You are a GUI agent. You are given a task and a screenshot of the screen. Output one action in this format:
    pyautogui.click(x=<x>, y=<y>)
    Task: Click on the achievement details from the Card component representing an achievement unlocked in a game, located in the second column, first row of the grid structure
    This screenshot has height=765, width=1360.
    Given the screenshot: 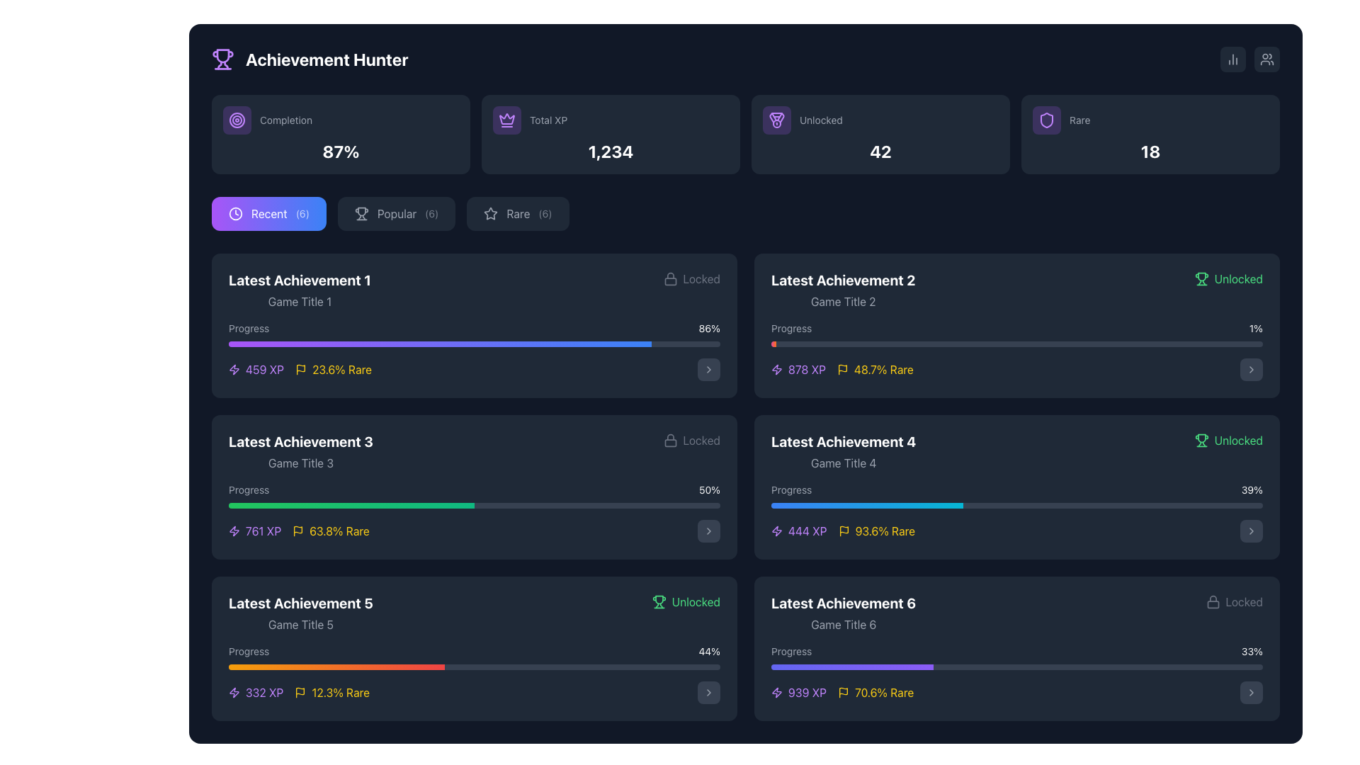 What is the action you would take?
    pyautogui.click(x=1016, y=325)
    